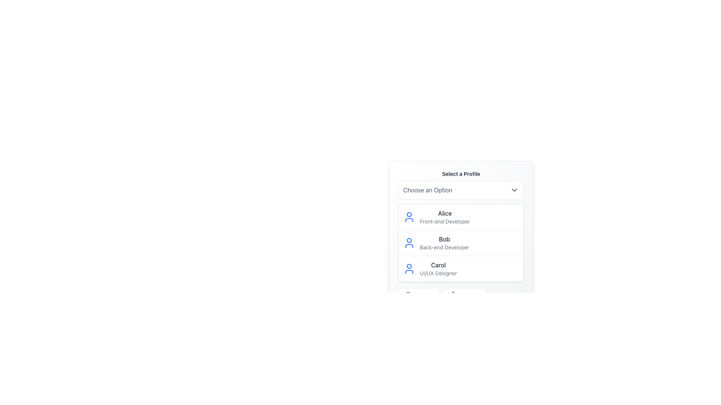  I want to click on the user profile item displaying 'Bob - Back-end Developer', so click(461, 243).